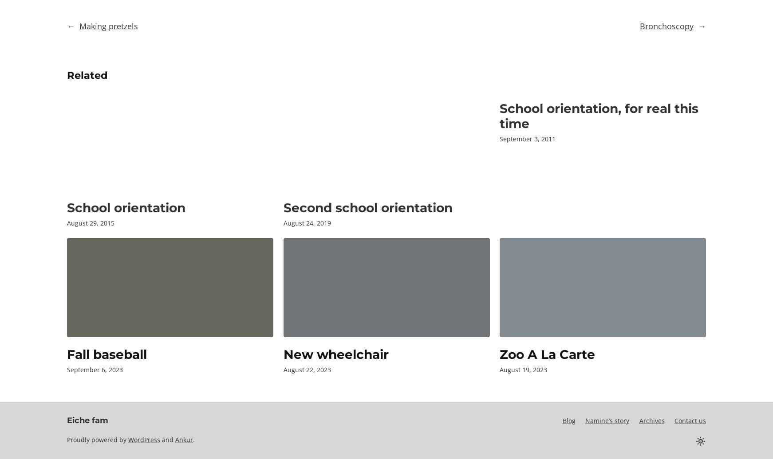 This screenshot has height=459, width=773. I want to click on 'Zoo A La Carte', so click(547, 354).